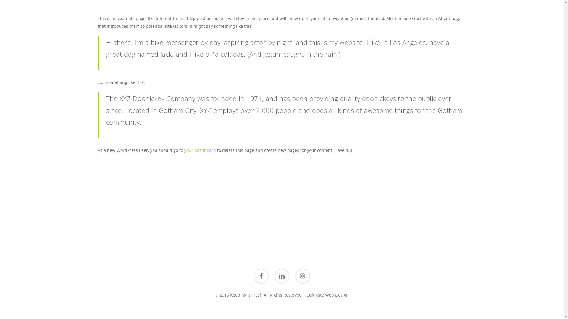  Describe the element at coordinates (282, 276) in the screenshot. I see `'linkedin'` at that location.